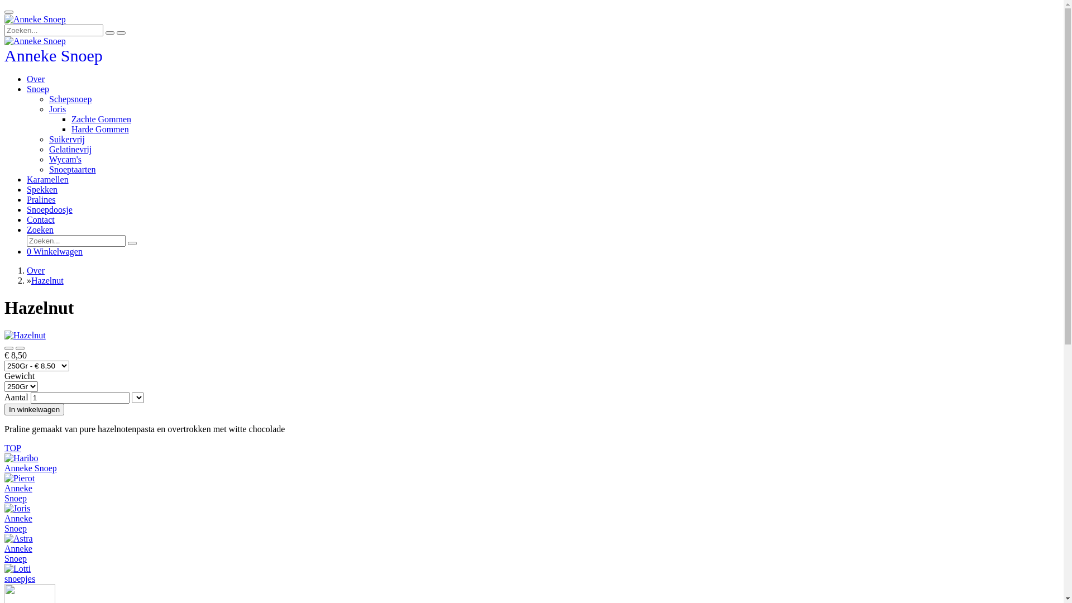  What do you see at coordinates (56, 109) in the screenshot?
I see `'Joris'` at bounding box center [56, 109].